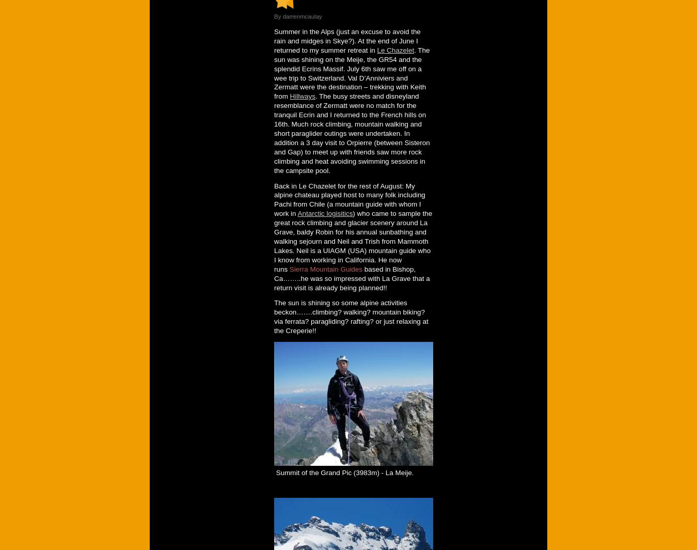 This screenshot has width=697, height=550. I want to click on 'Back in Le Chazelet for the rest of August: My alpine chateau played host to many folk including Pachi from Chile (a mountain guide with whom I work in', so click(349, 199).